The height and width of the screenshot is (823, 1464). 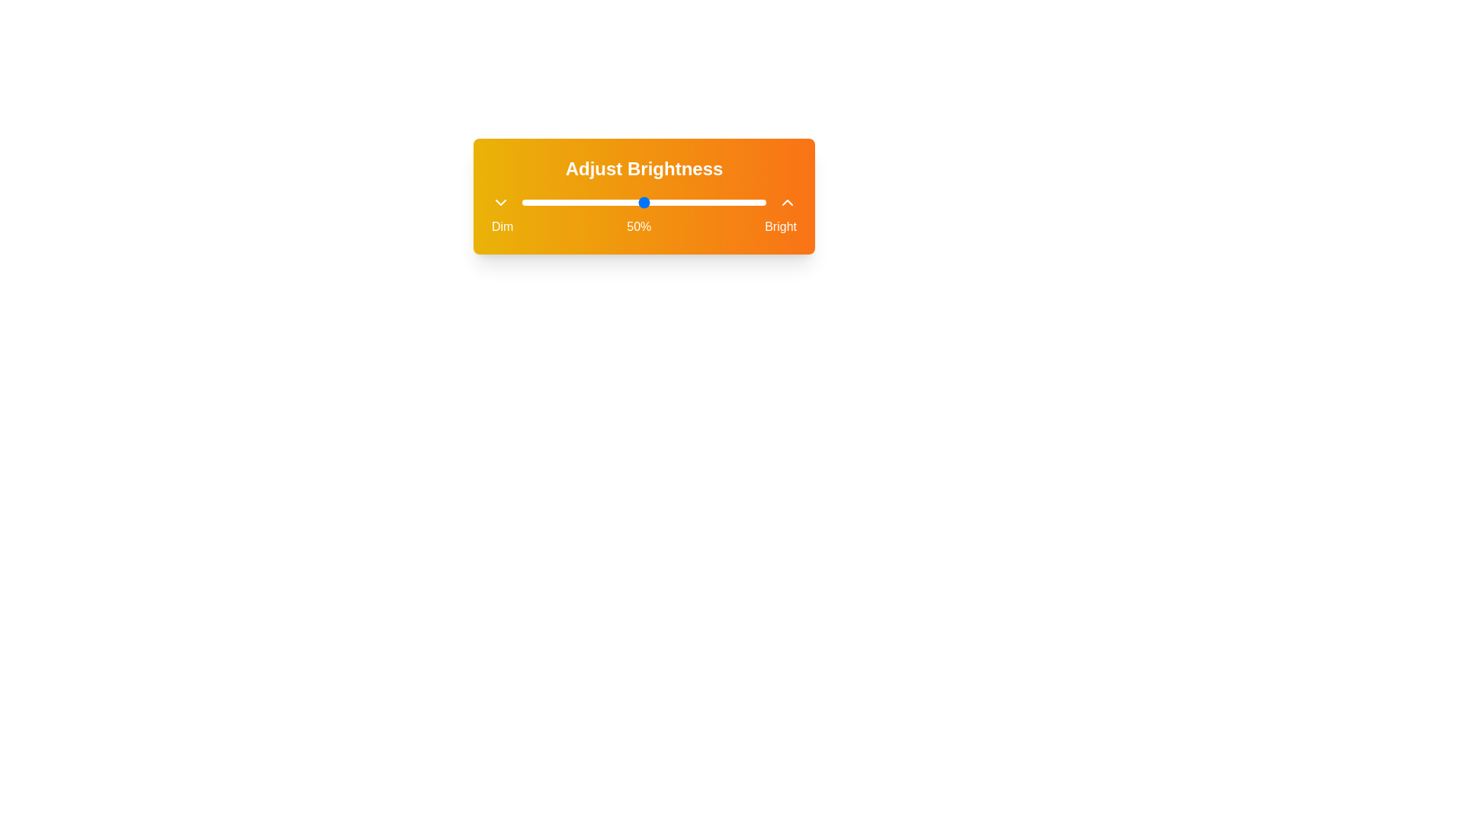 What do you see at coordinates (707, 202) in the screenshot?
I see `brightness` at bounding box center [707, 202].